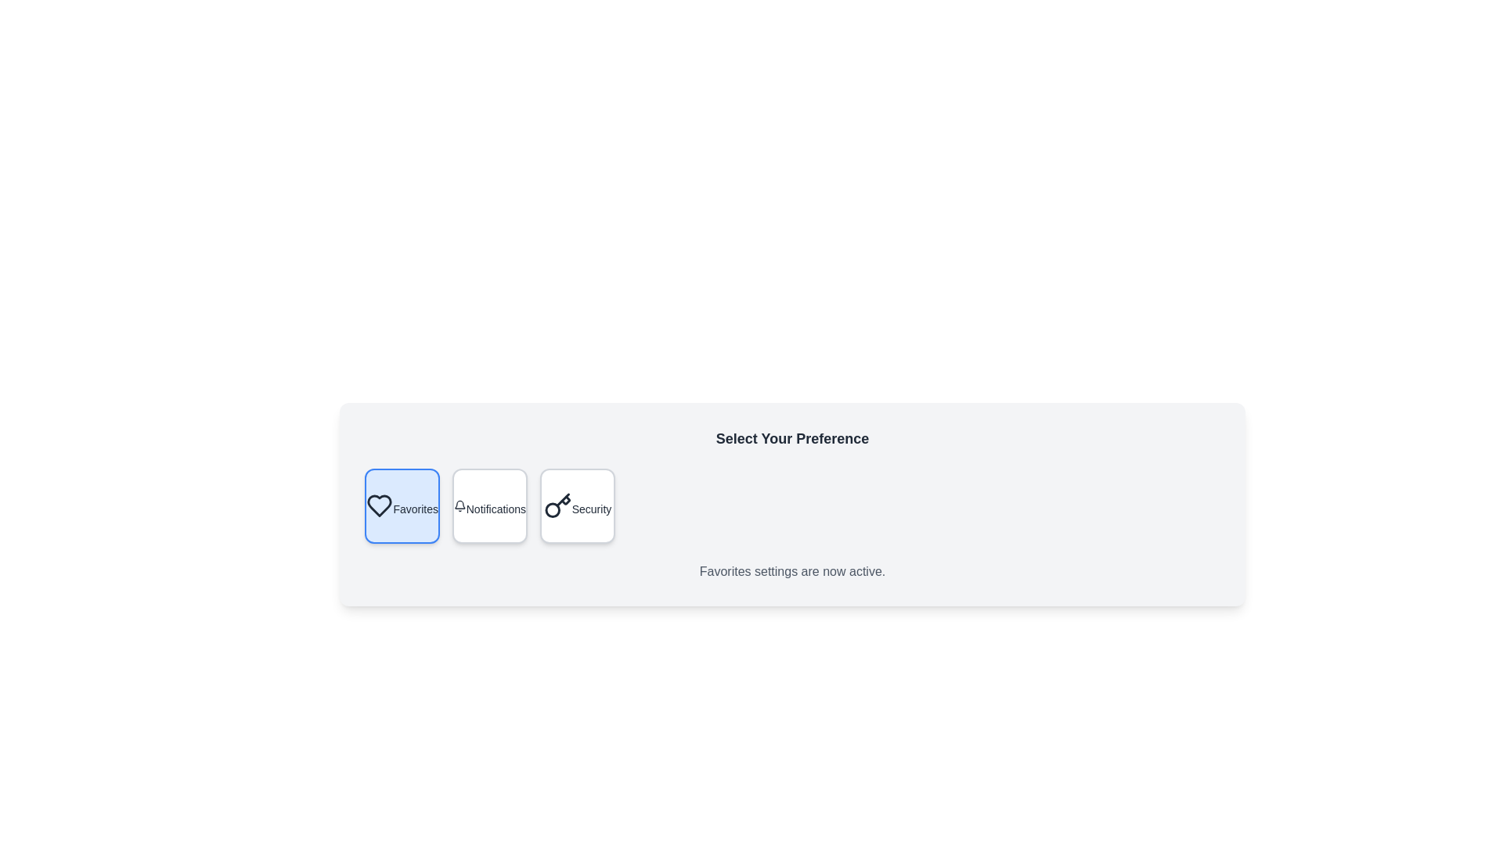  What do you see at coordinates (402, 506) in the screenshot?
I see `the preference option Favorites by clicking on the corresponding button` at bounding box center [402, 506].